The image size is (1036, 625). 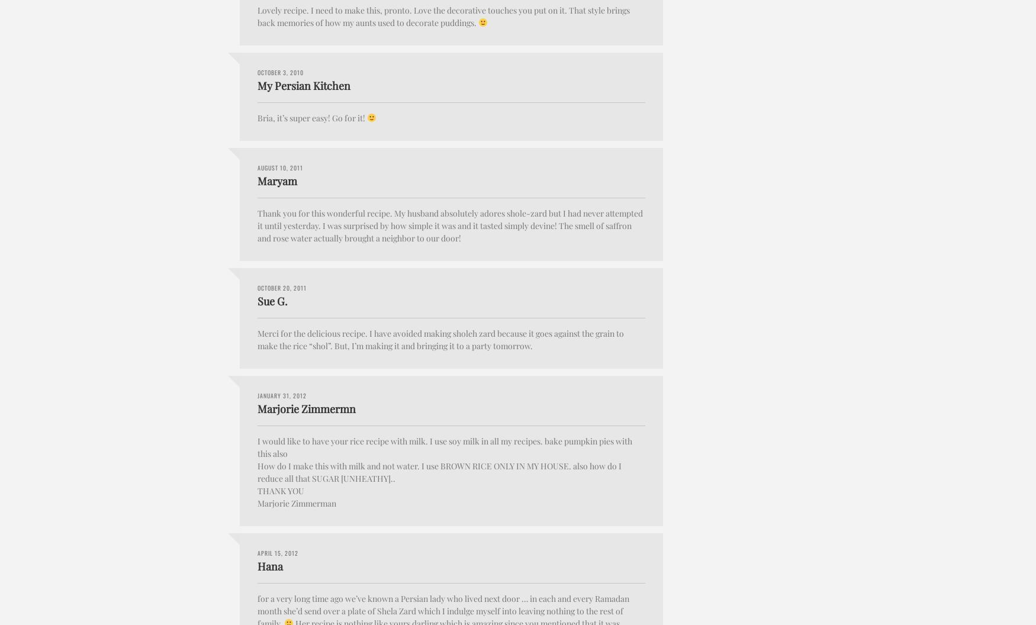 I want to click on 'Merci for the delicious recipe.  I have avoided making sholeh zard because it goes against the grain to make the rice “shol”.  But, I’m making it and bringing it to a party tomorrow.', so click(x=440, y=339).